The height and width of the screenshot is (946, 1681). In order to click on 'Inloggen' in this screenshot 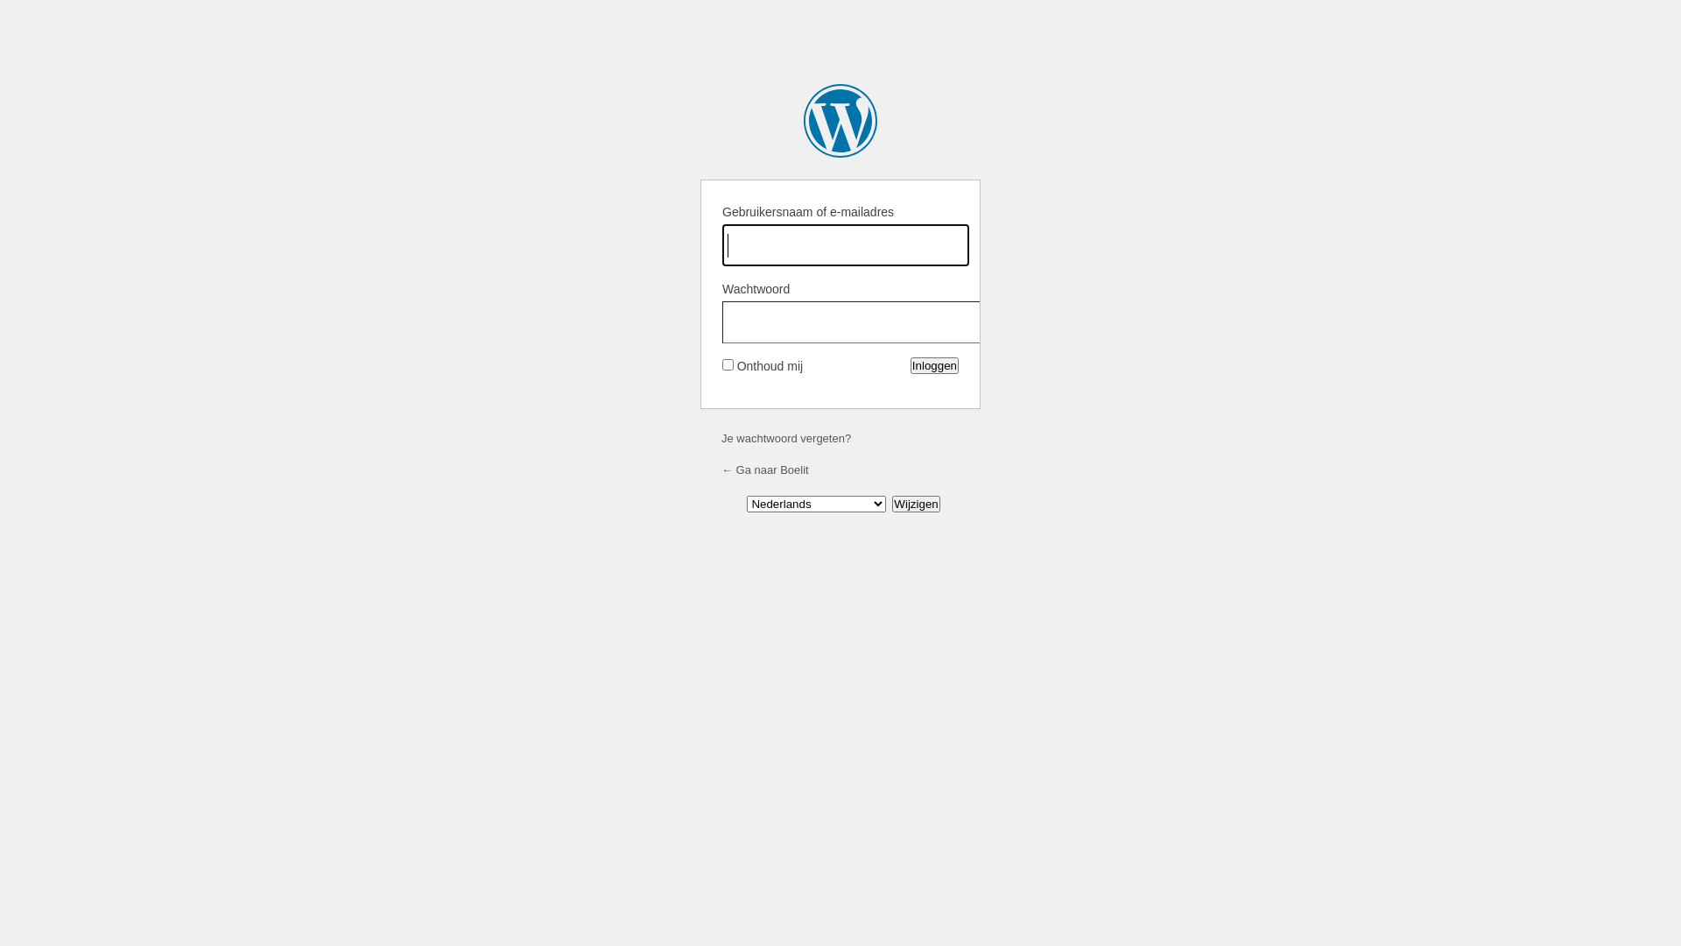, I will do `click(933, 364)`.